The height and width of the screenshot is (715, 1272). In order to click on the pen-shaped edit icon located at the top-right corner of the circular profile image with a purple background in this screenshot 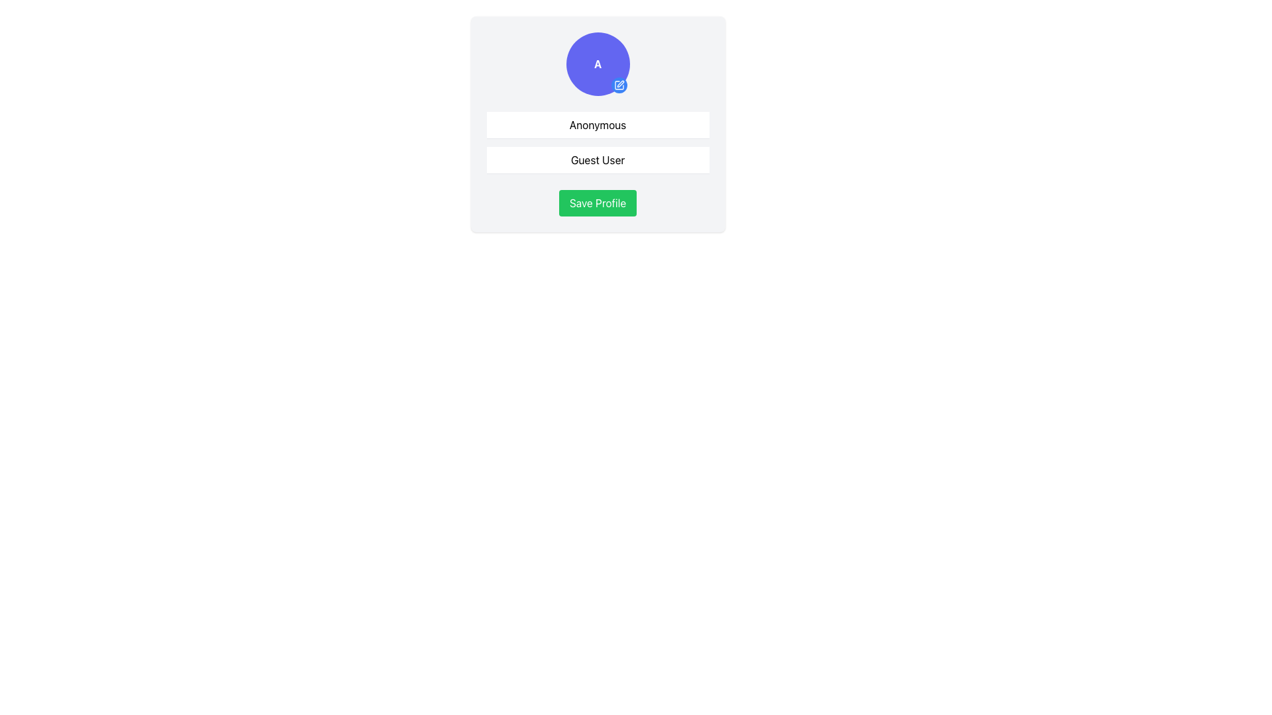, I will do `click(619, 84)`.